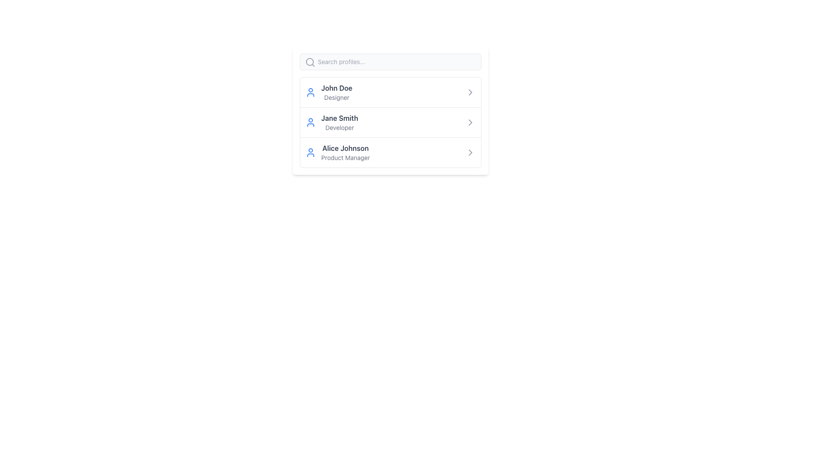 The width and height of the screenshot is (838, 471). Describe the element at coordinates (470, 123) in the screenshot. I see `the SVG Icon (Chevron) at the rightmost end of the list item associated with 'Jane Smith'` at that location.